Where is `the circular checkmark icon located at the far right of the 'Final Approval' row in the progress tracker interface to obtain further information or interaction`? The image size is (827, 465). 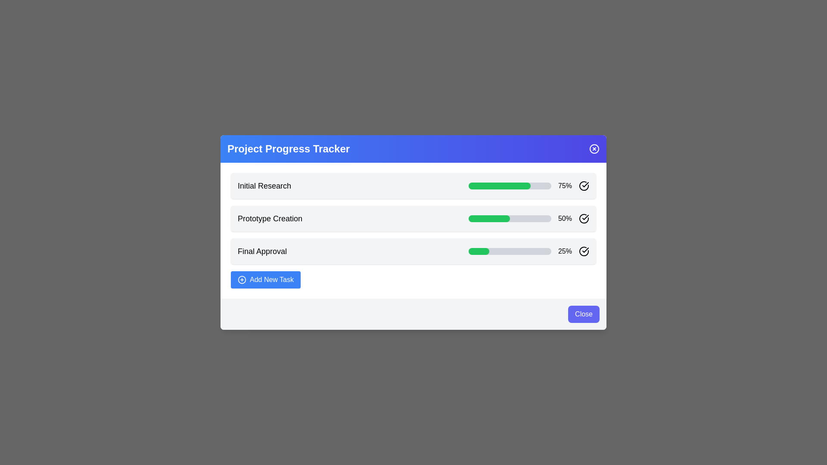
the circular checkmark icon located at the far right of the 'Final Approval' row in the progress tracker interface to obtain further information or interaction is located at coordinates (584, 251).